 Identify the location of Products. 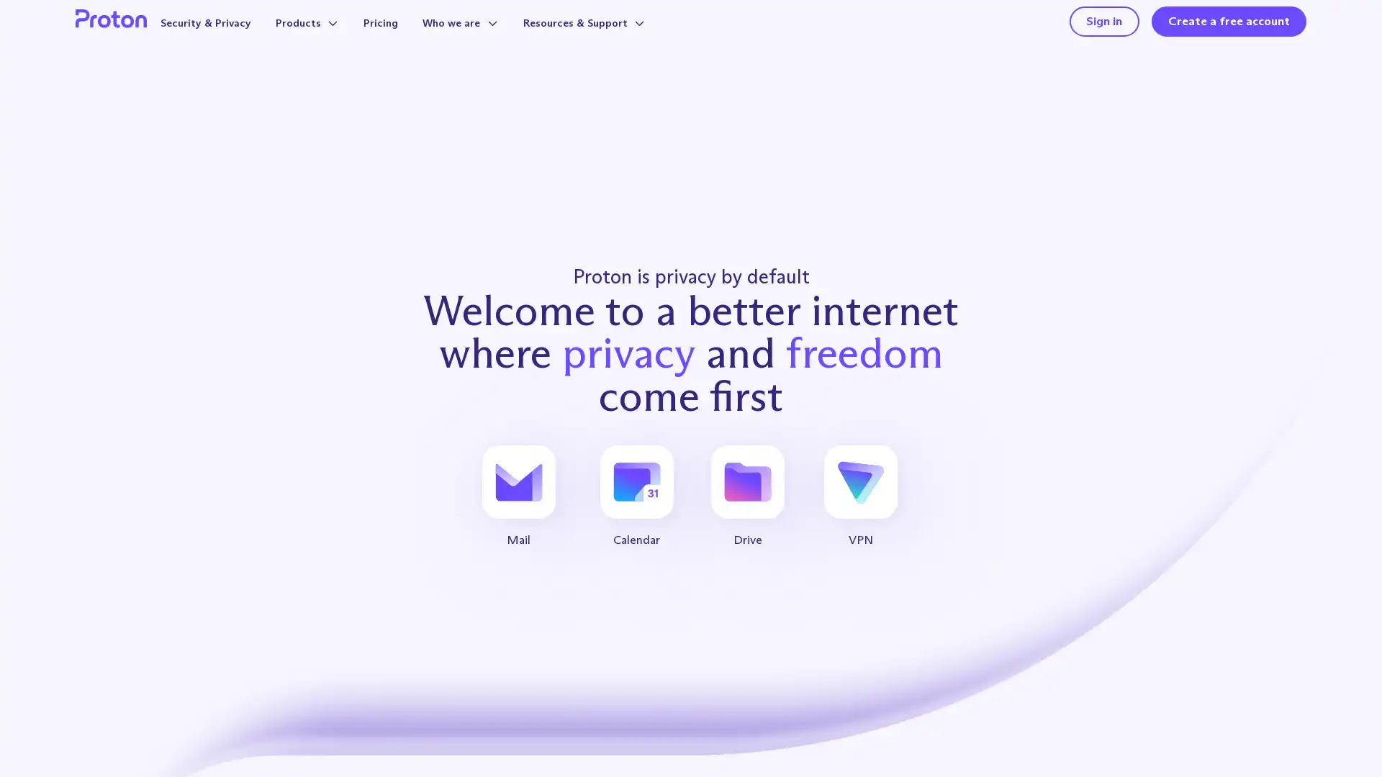
(326, 37).